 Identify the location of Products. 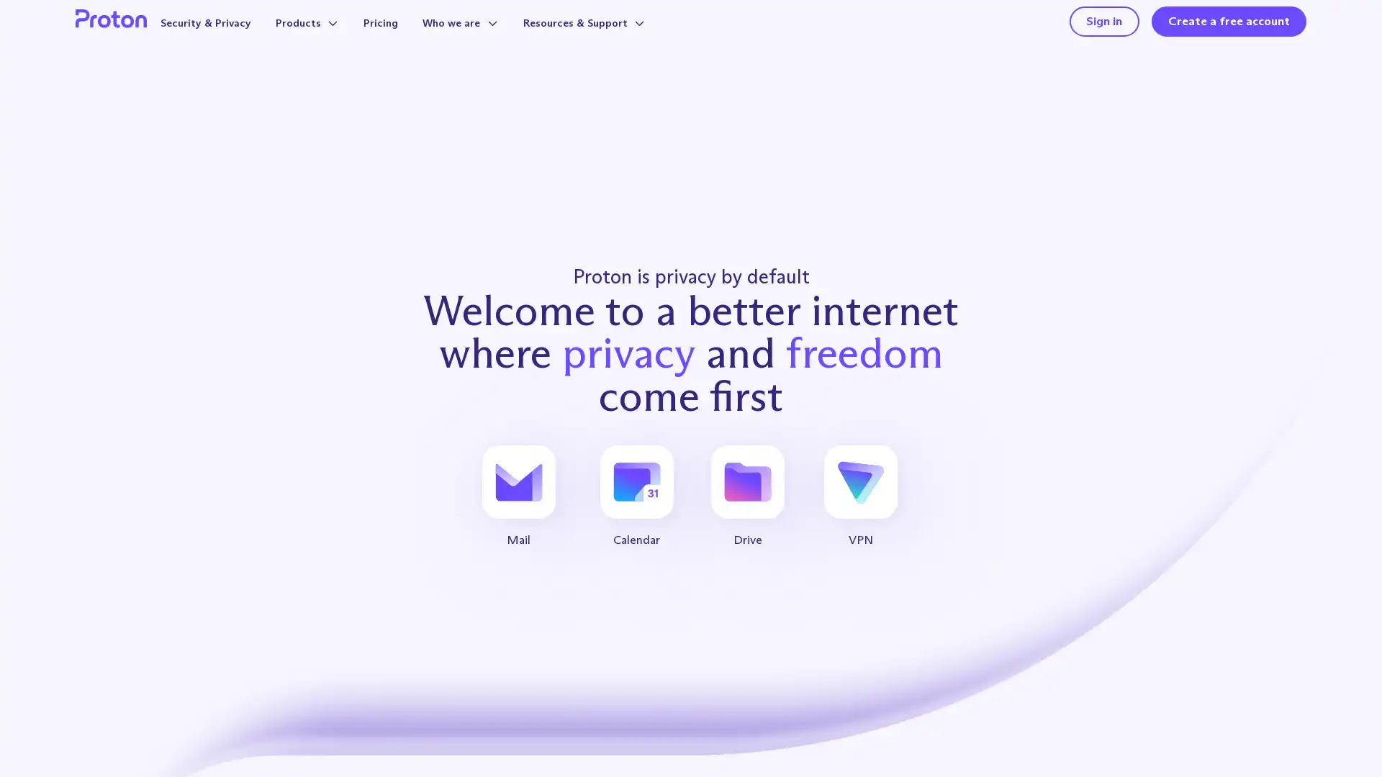
(326, 37).